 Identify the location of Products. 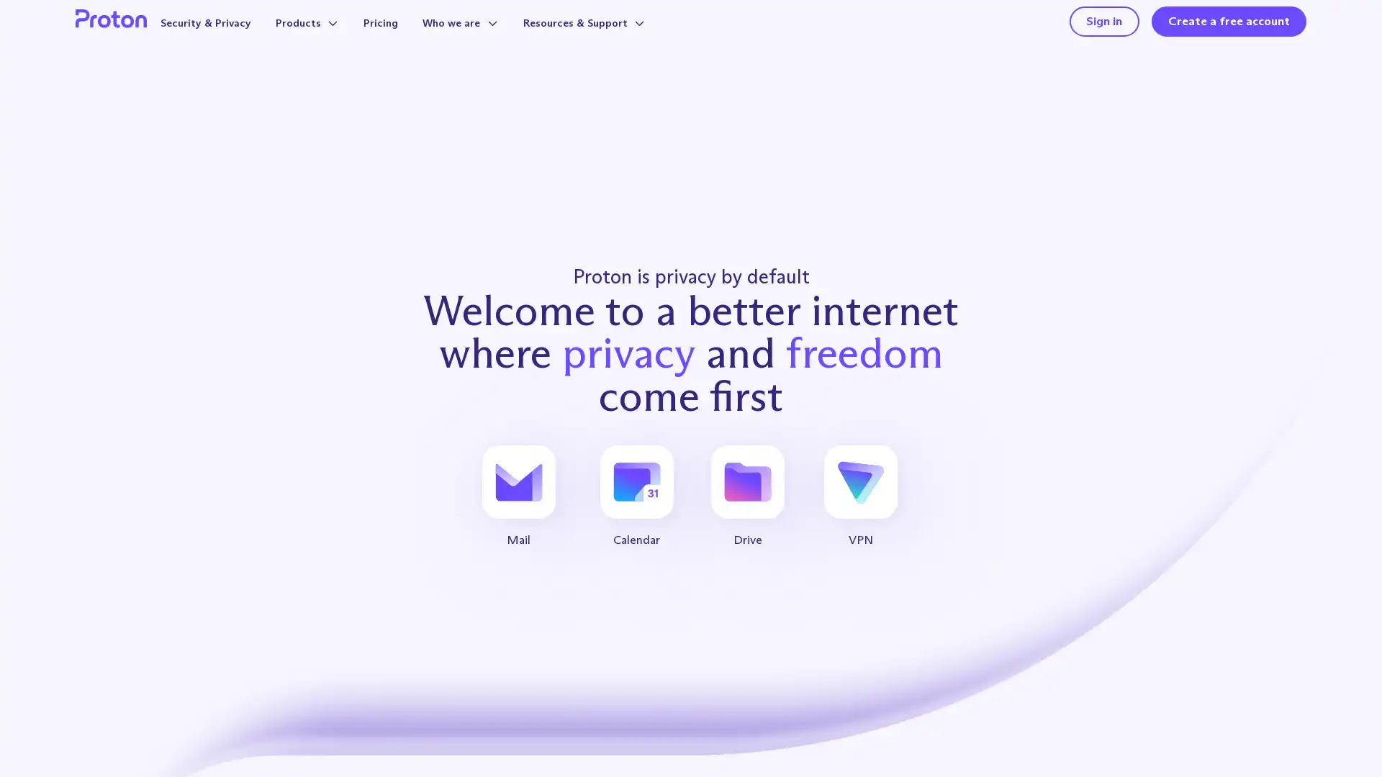
(326, 37).